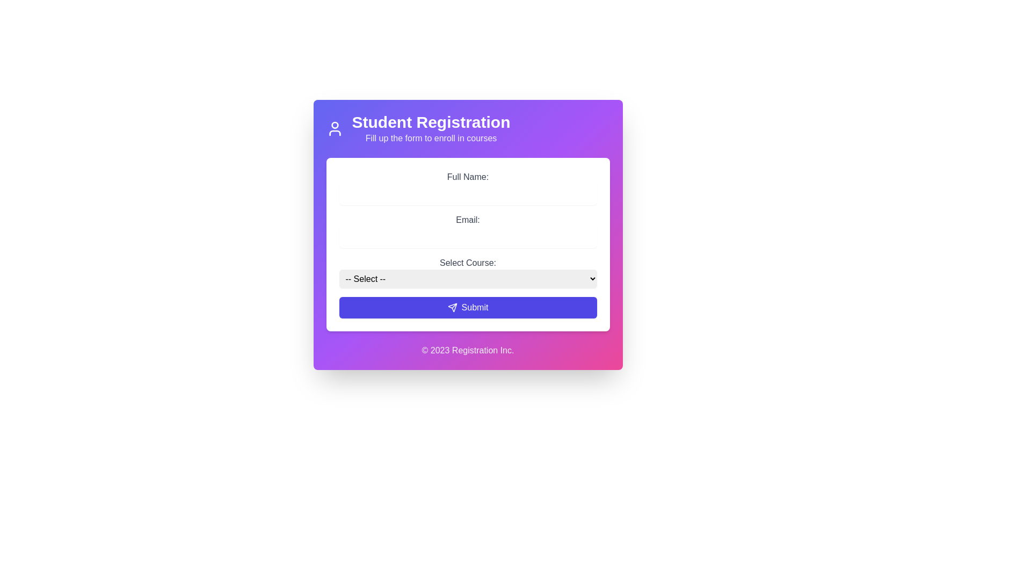 Image resolution: width=1031 pixels, height=580 pixels. What do you see at coordinates (431, 138) in the screenshot?
I see `the informational text located directly below the 'Student Registration' heading, which provides guidance to users about the purpose of the form` at bounding box center [431, 138].